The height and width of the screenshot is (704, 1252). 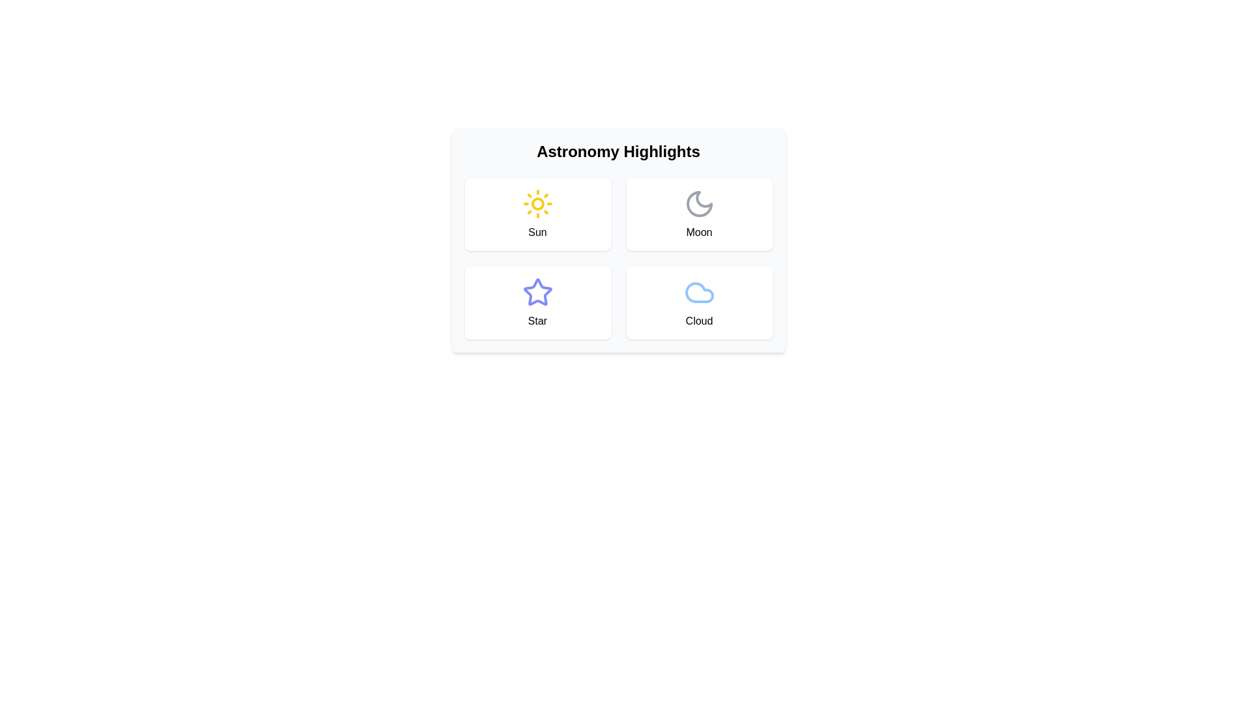 I want to click on the sun icon, which is a bright yellow circular icon with rays, located in the top-left section of the card labeled 'Sun', so click(x=537, y=203).